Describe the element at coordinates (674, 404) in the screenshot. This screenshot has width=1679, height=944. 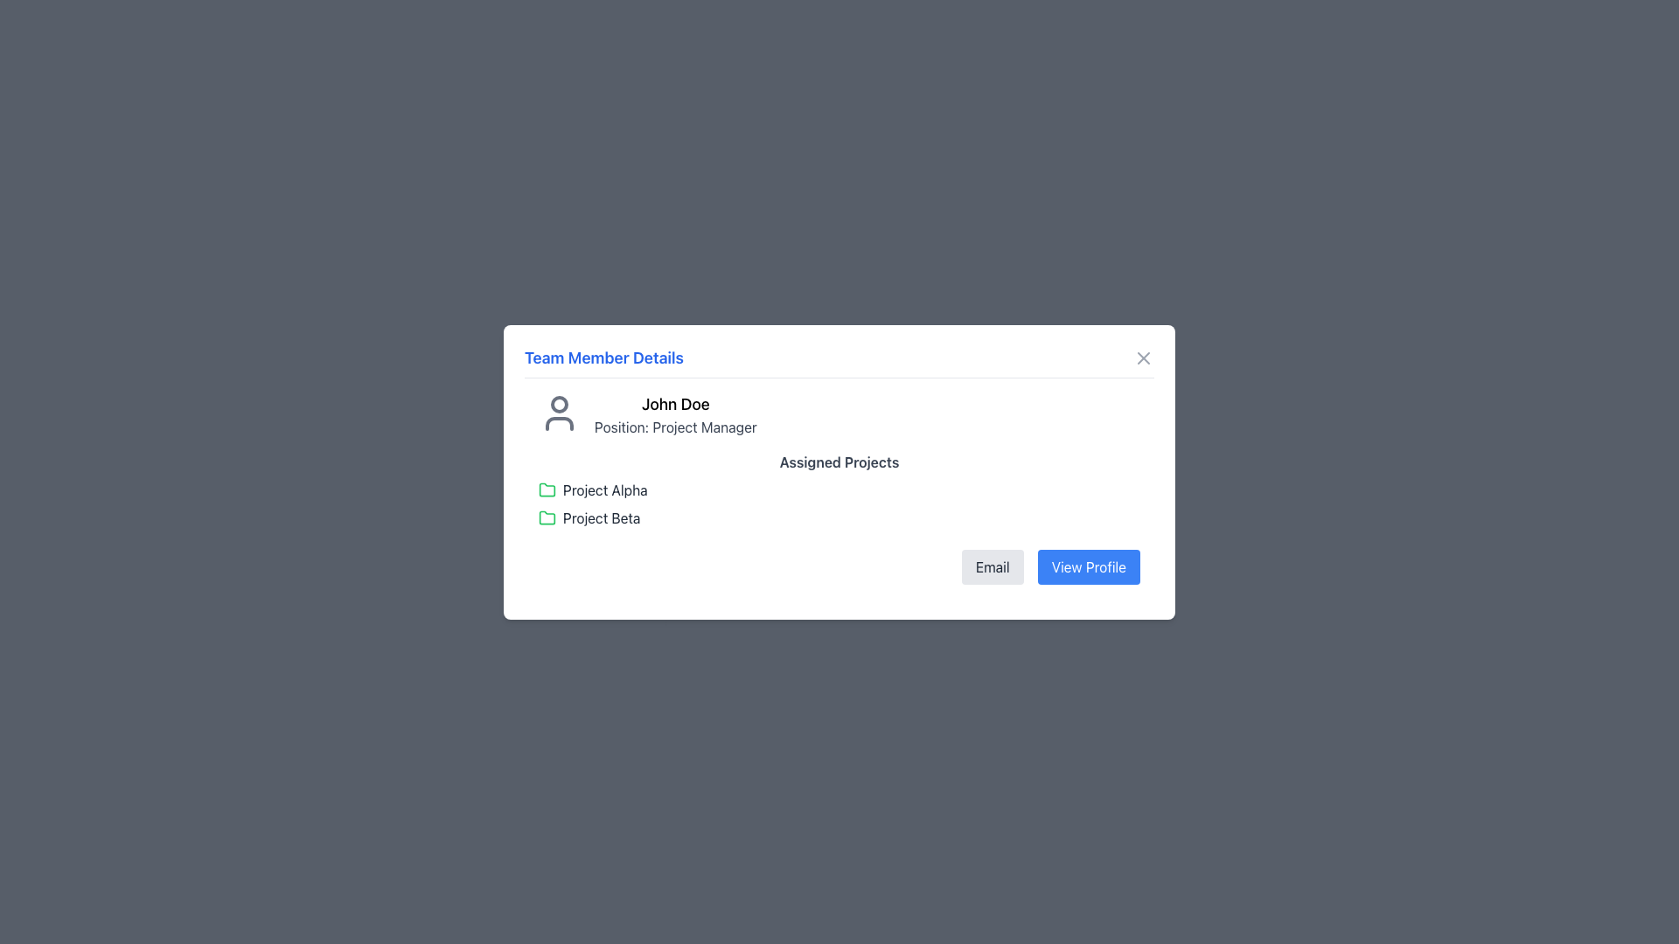
I see `the text label displaying the user's name 'John Doe' in the 'Team Member Details' popup` at that location.